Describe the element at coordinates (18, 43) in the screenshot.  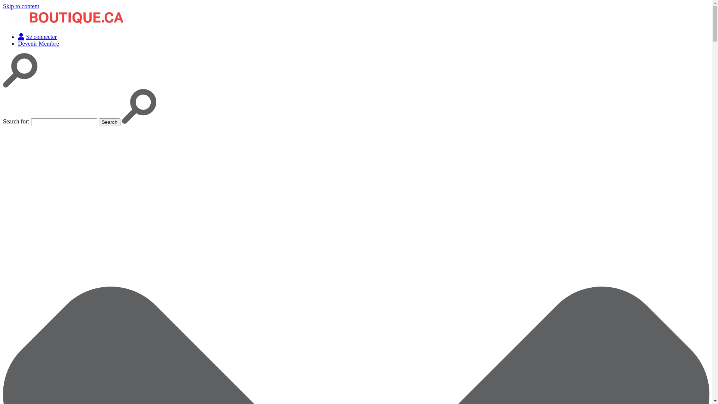
I see `'Devenir Membre'` at that location.